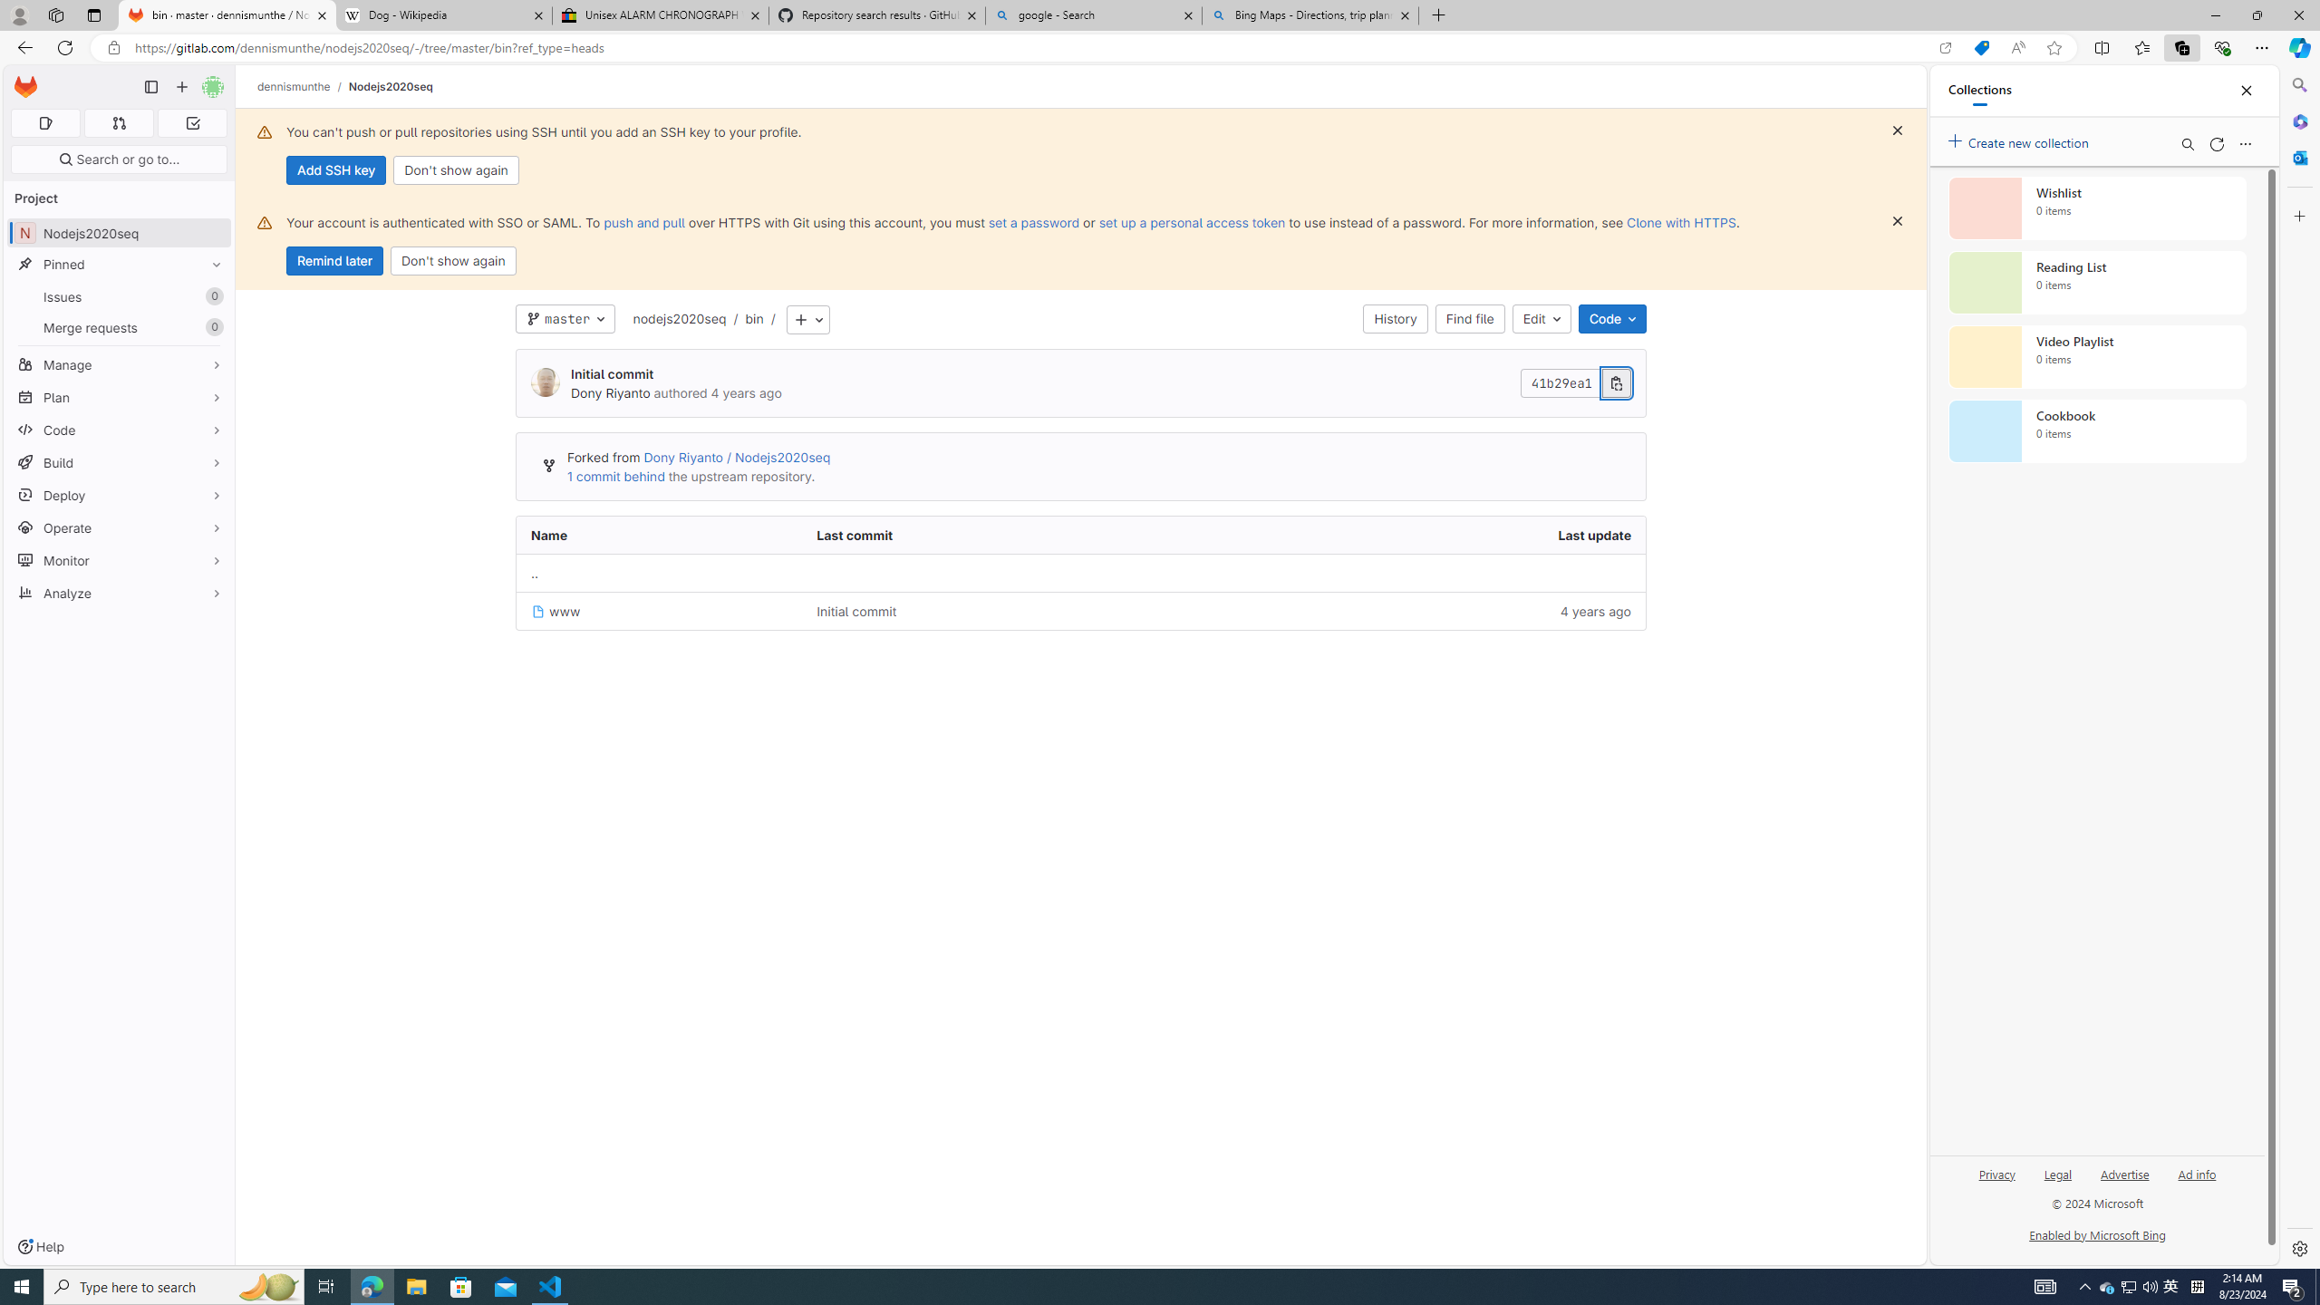  Describe the element at coordinates (1898, 221) in the screenshot. I see `'Dismiss'` at that location.